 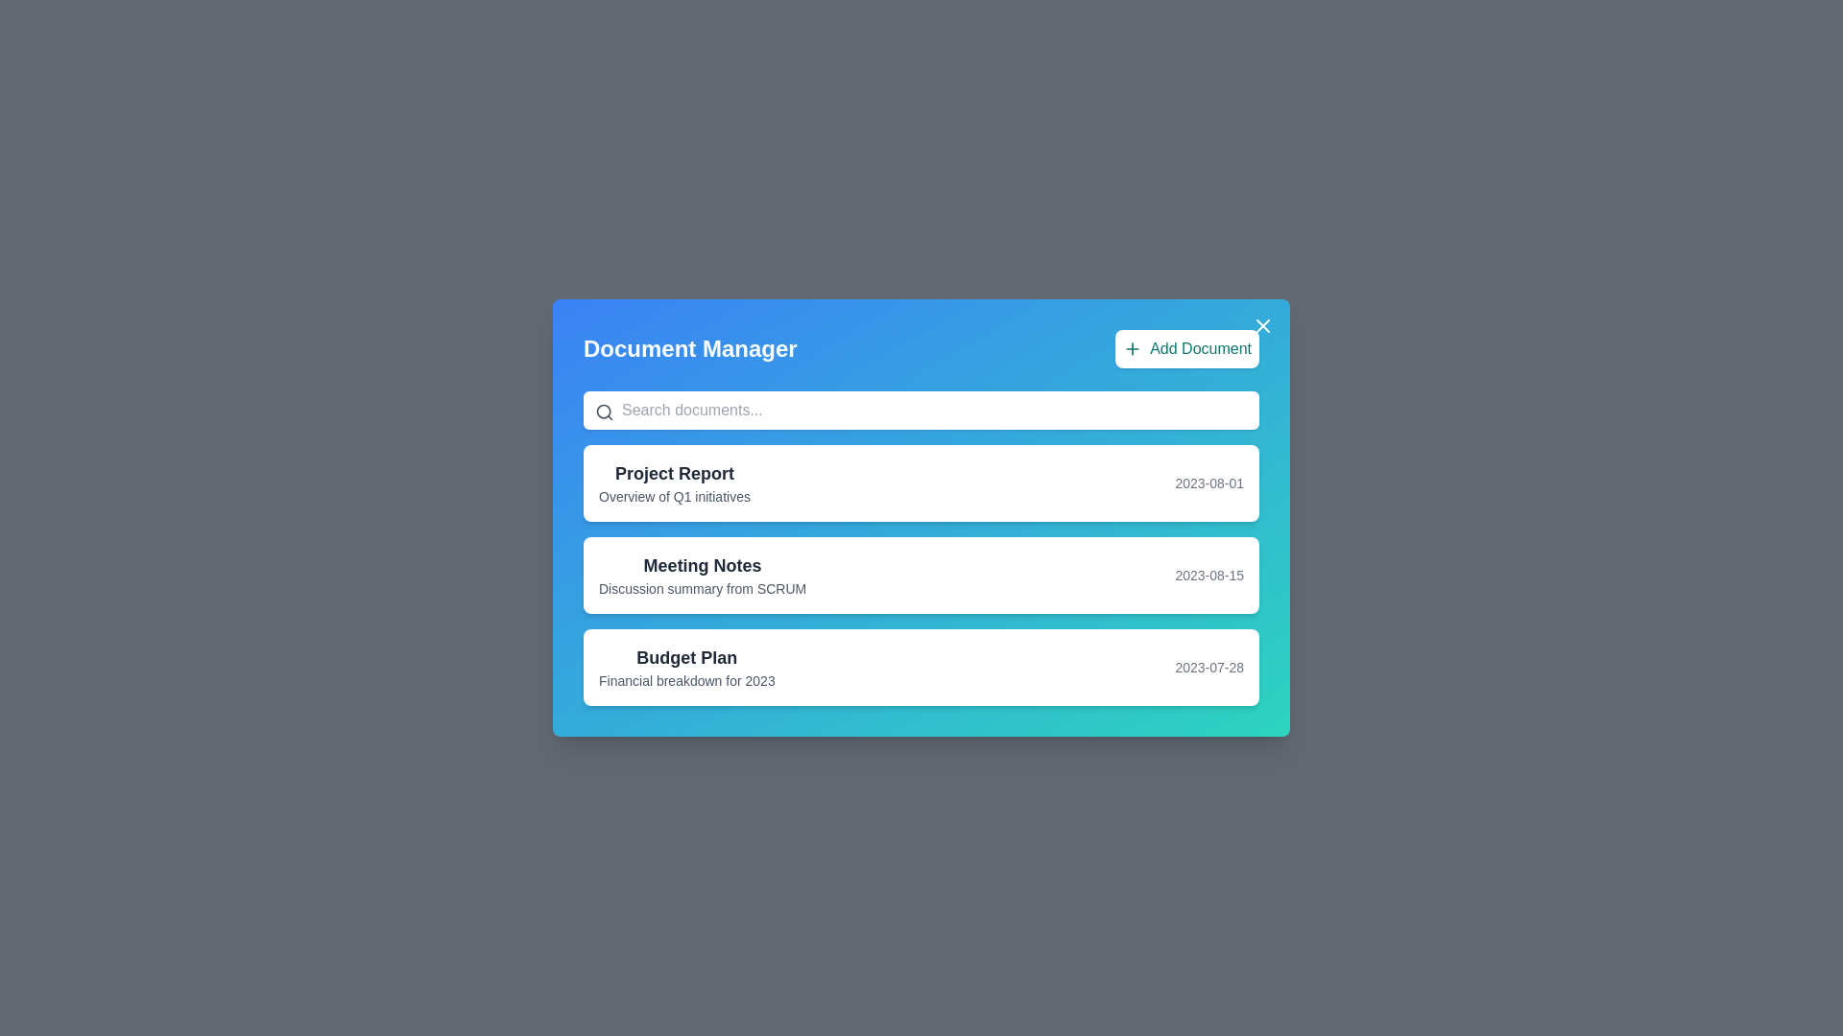 What do you see at coordinates (1186, 348) in the screenshot?
I see `'Add Document' button to initiate the addition of a new document` at bounding box center [1186, 348].